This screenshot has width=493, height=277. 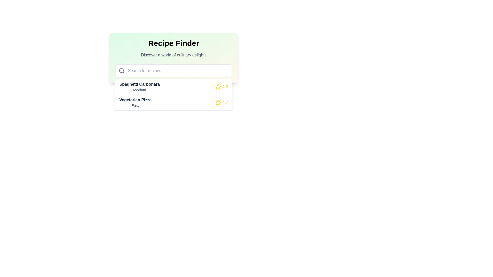 I want to click on the text label indicating the rating value next to the 'Spaghetti Carbonara' item, which is located on the right side of the star icon, so click(x=225, y=87).